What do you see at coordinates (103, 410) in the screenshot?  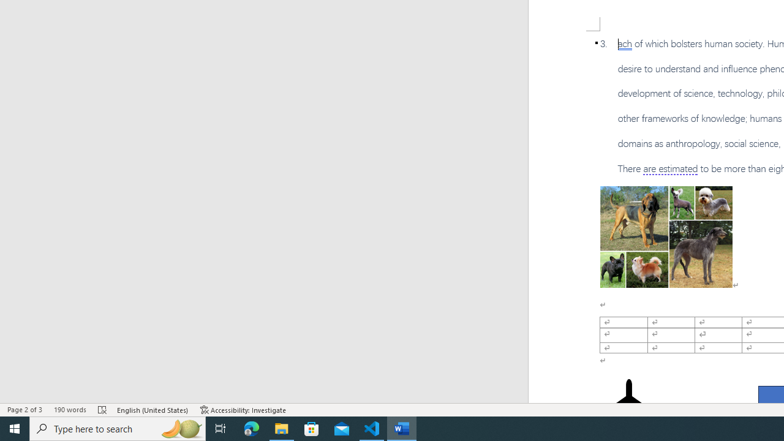 I see `'Spelling and Grammar Check Errors'` at bounding box center [103, 410].